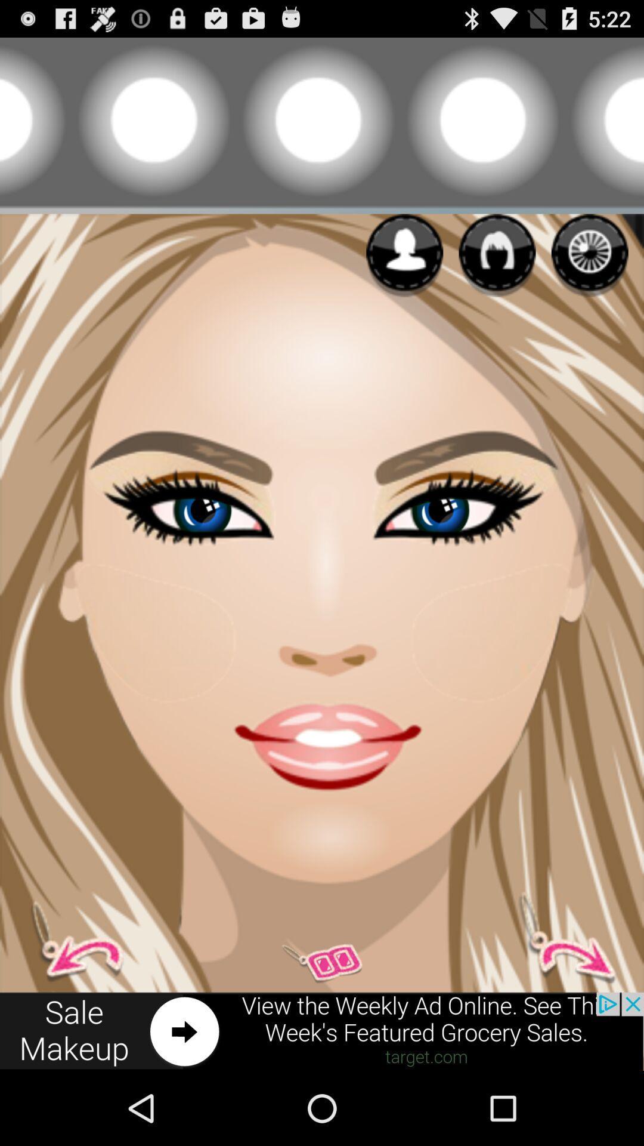 The height and width of the screenshot is (1146, 644). I want to click on the icon on bottom right of the page, so click(559, 937).